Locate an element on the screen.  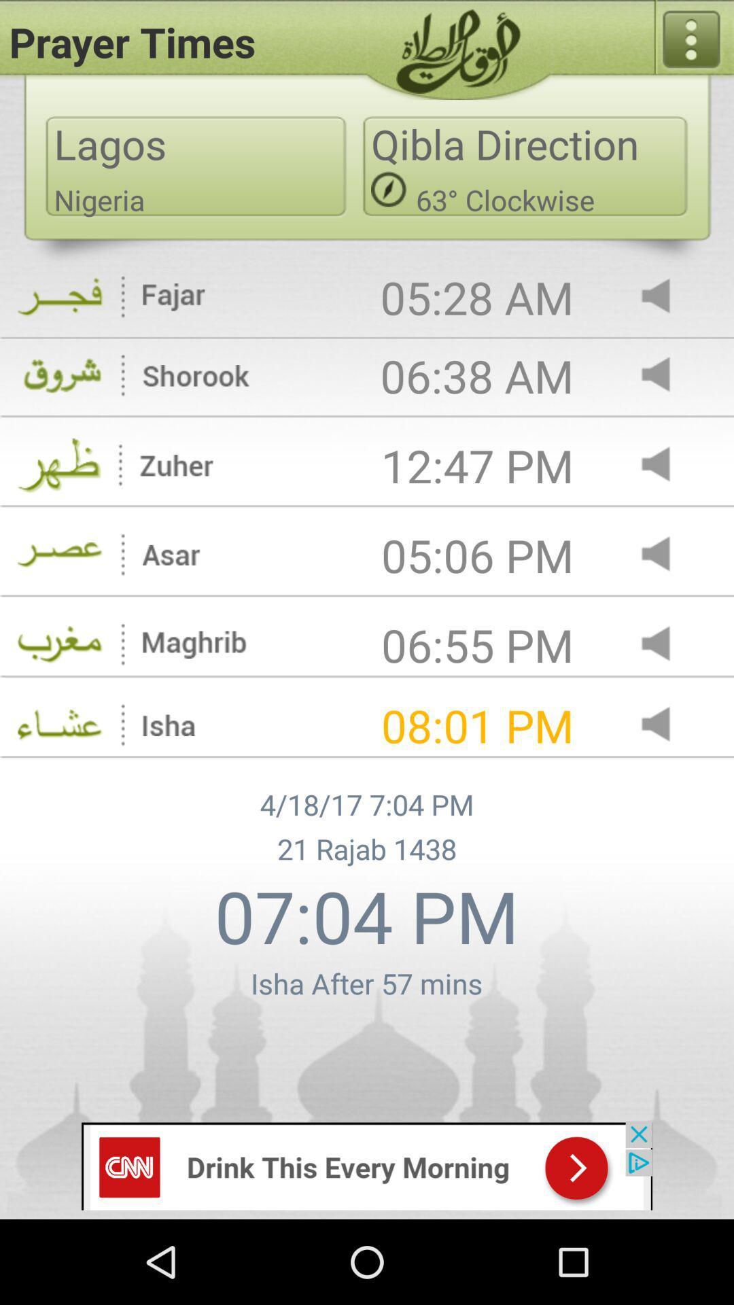
volume option is located at coordinates (667, 725).